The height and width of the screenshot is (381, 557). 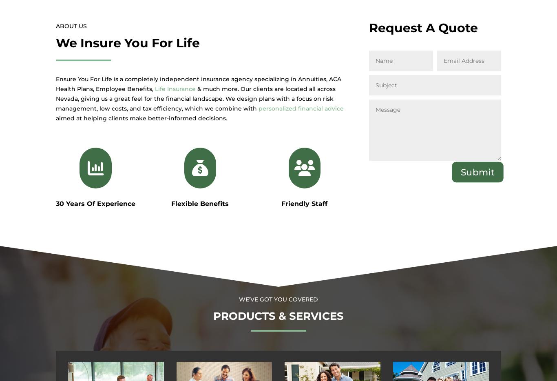 What do you see at coordinates (278, 315) in the screenshot?
I see `'Products & Services'` at bounding box center [278, 315].